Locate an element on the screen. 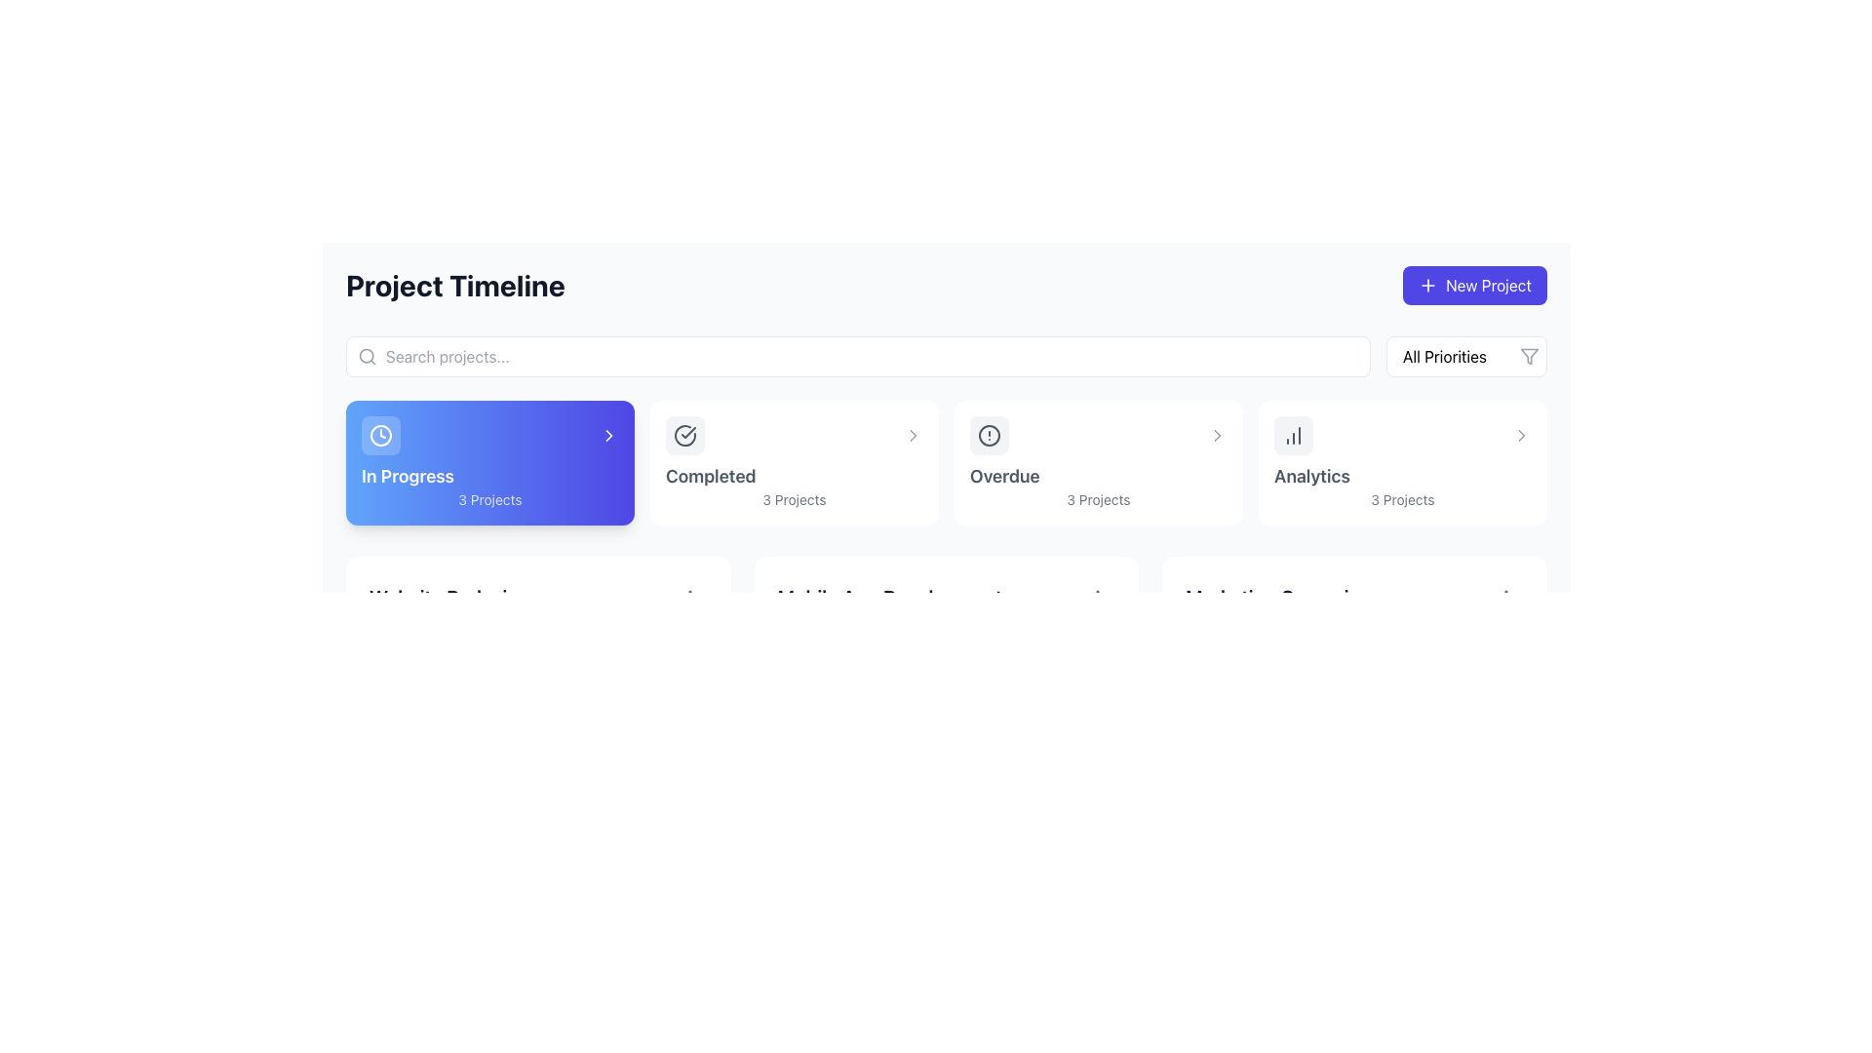 The width and height of the screenshot is (1872, 1053). the 'Overdue' icon embedded within a rounded background is located at coordinates (989, 435).